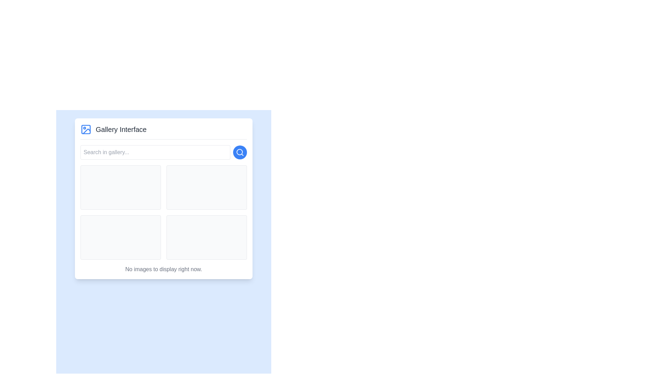  Describe the element at coordinates (206, 237) in the screenshot. I see `the bottom-right Placeholder box in the grid layout` at that location.